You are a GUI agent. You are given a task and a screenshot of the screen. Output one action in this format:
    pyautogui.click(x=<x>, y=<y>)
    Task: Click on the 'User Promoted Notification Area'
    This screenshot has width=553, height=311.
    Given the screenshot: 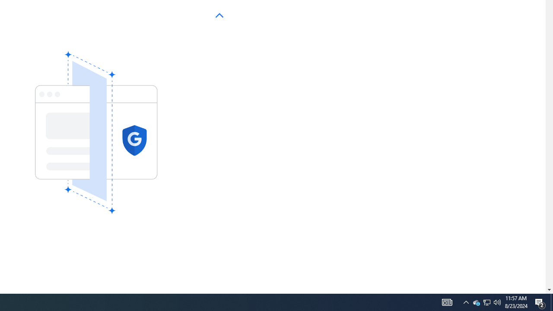 What is the action you would take?
    pyautogui.click(x=497, y=301)
    